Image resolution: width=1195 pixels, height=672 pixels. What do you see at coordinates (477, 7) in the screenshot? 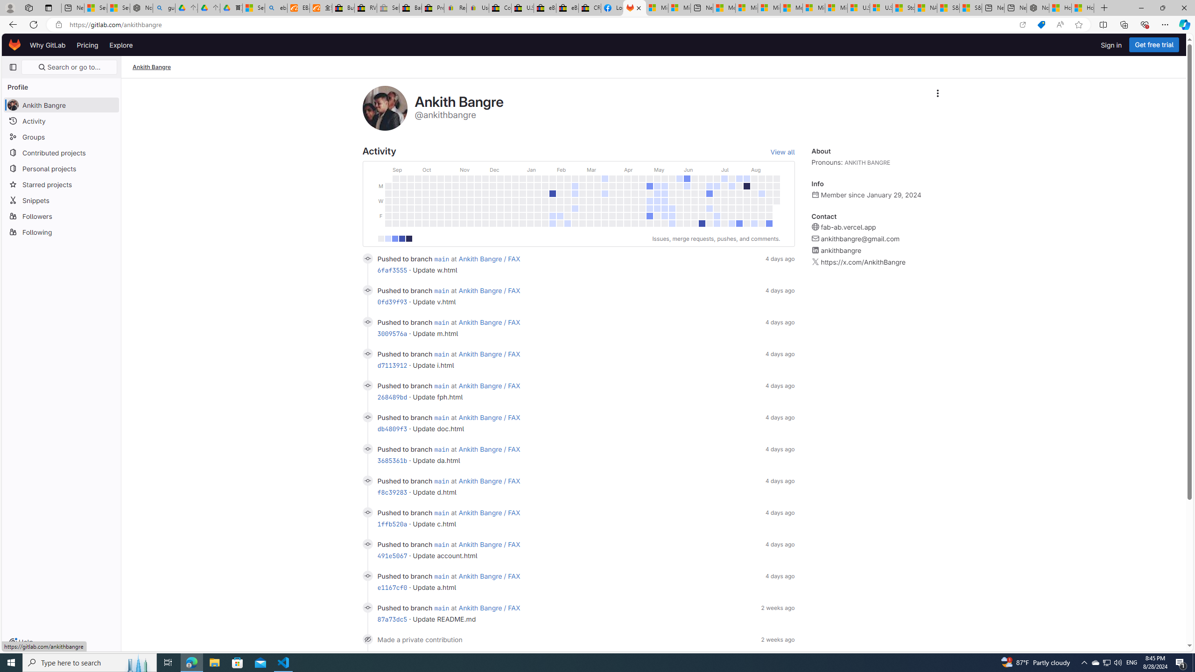
I see `'User Privacy Notice | eBay'` at bounding box center [477, 7].